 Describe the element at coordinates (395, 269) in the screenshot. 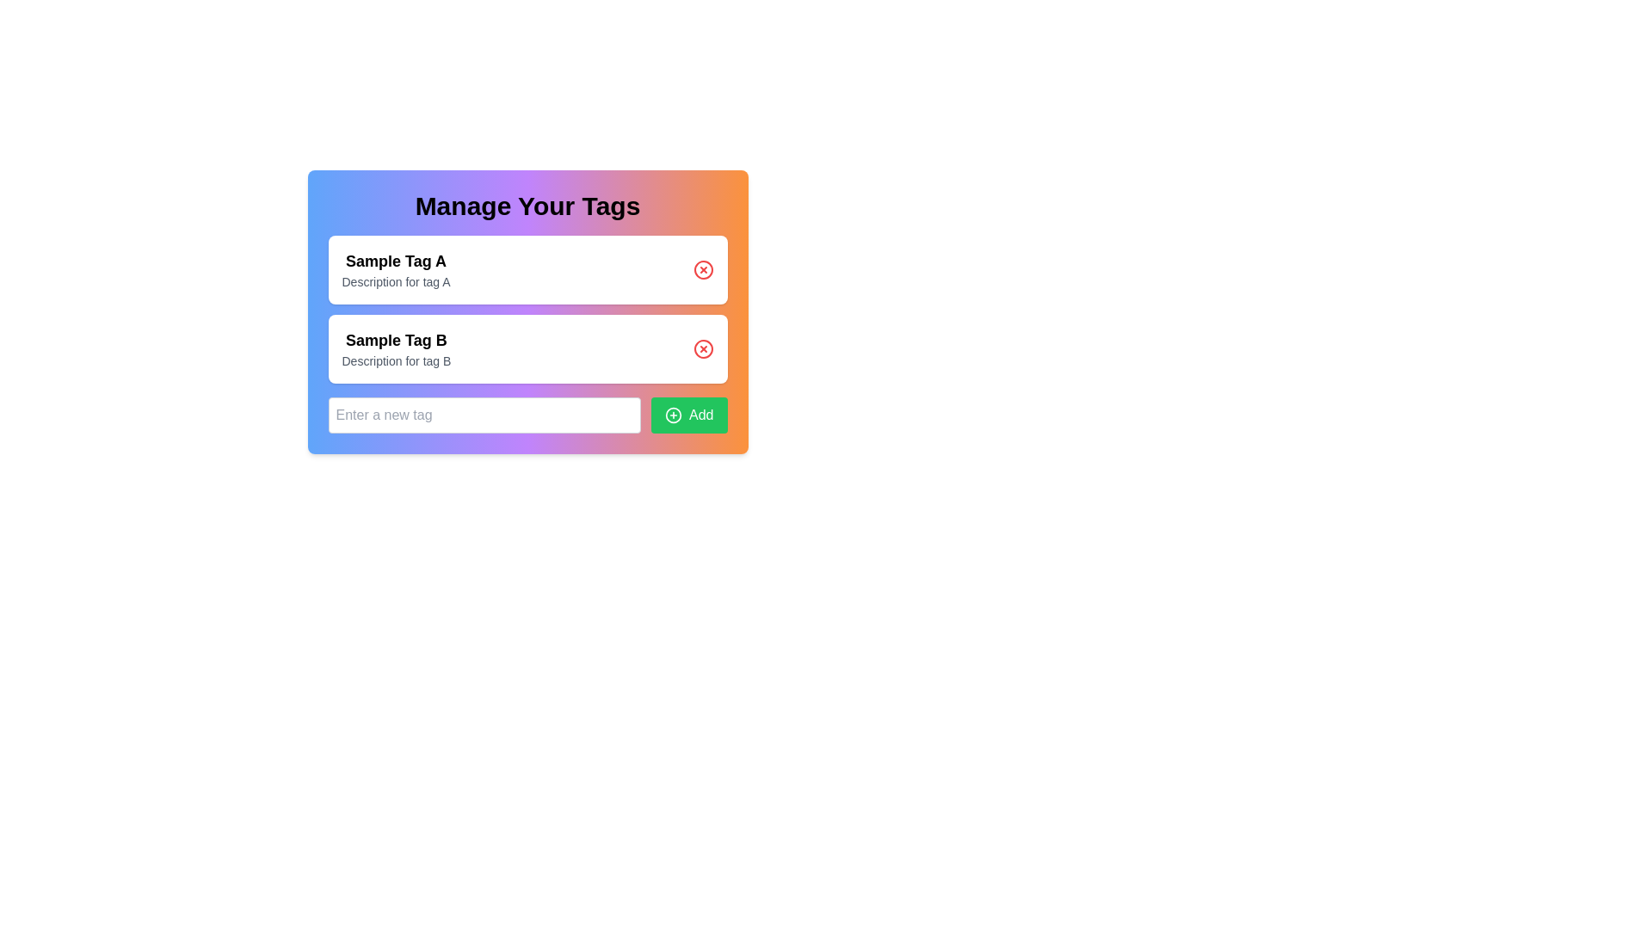

I see `the text block titled 'Sample Tag A' with the description 'Description for tag A', which is the first entry under 'Manage Your Tags'` at that location.